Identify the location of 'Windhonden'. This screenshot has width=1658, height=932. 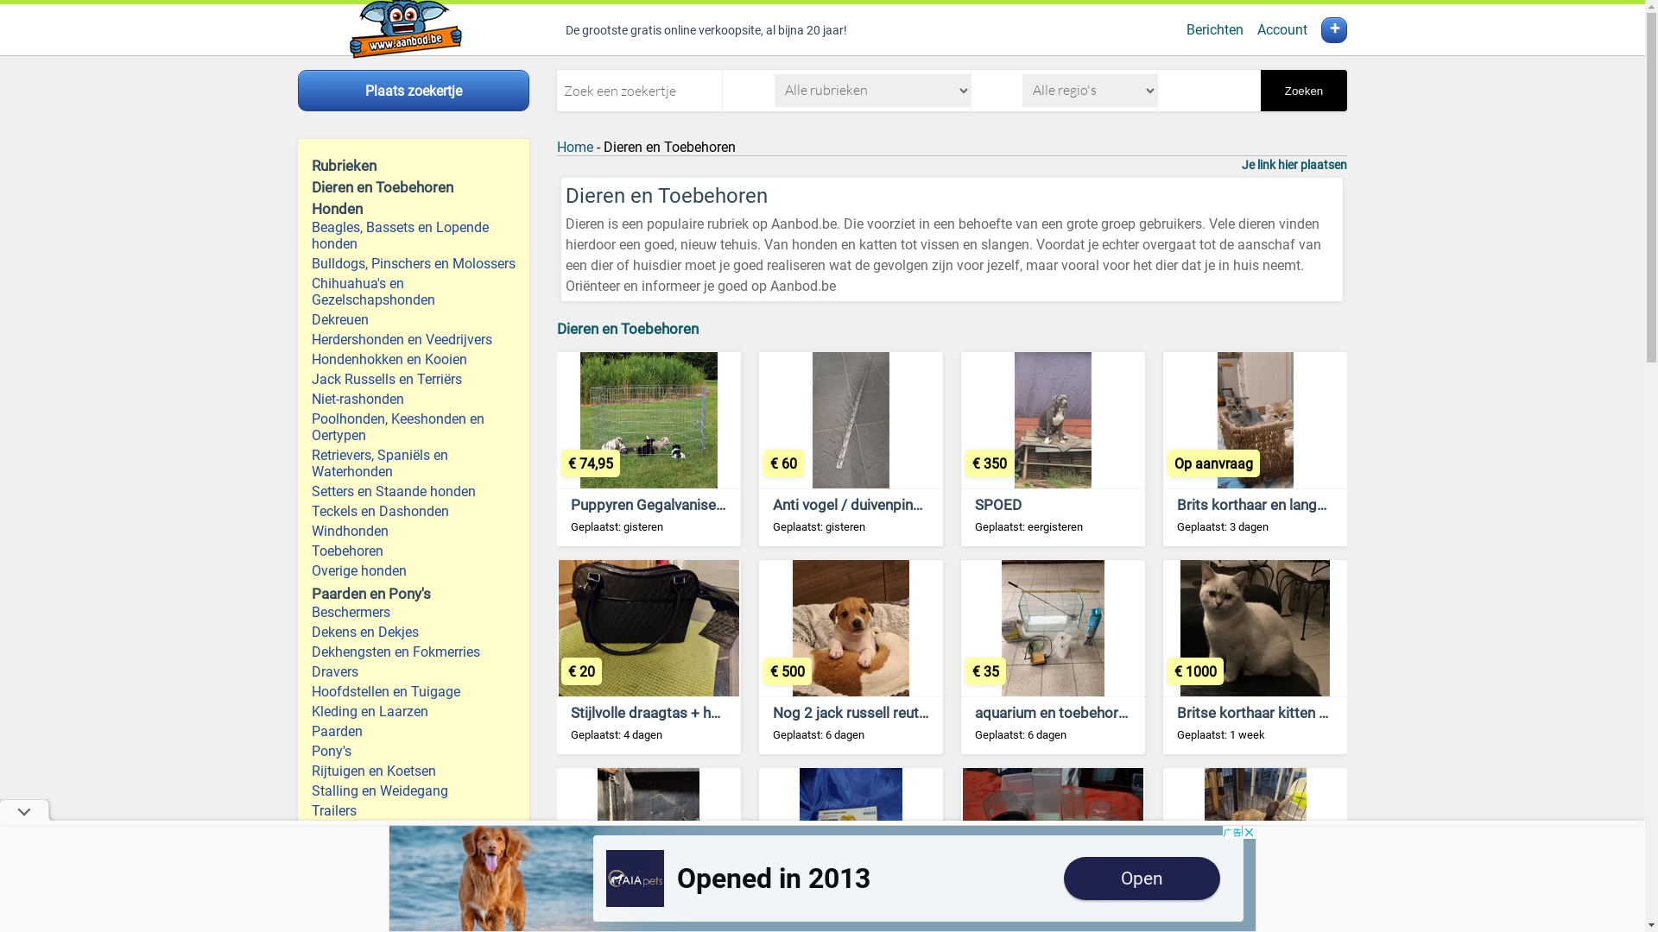
(413, 530).